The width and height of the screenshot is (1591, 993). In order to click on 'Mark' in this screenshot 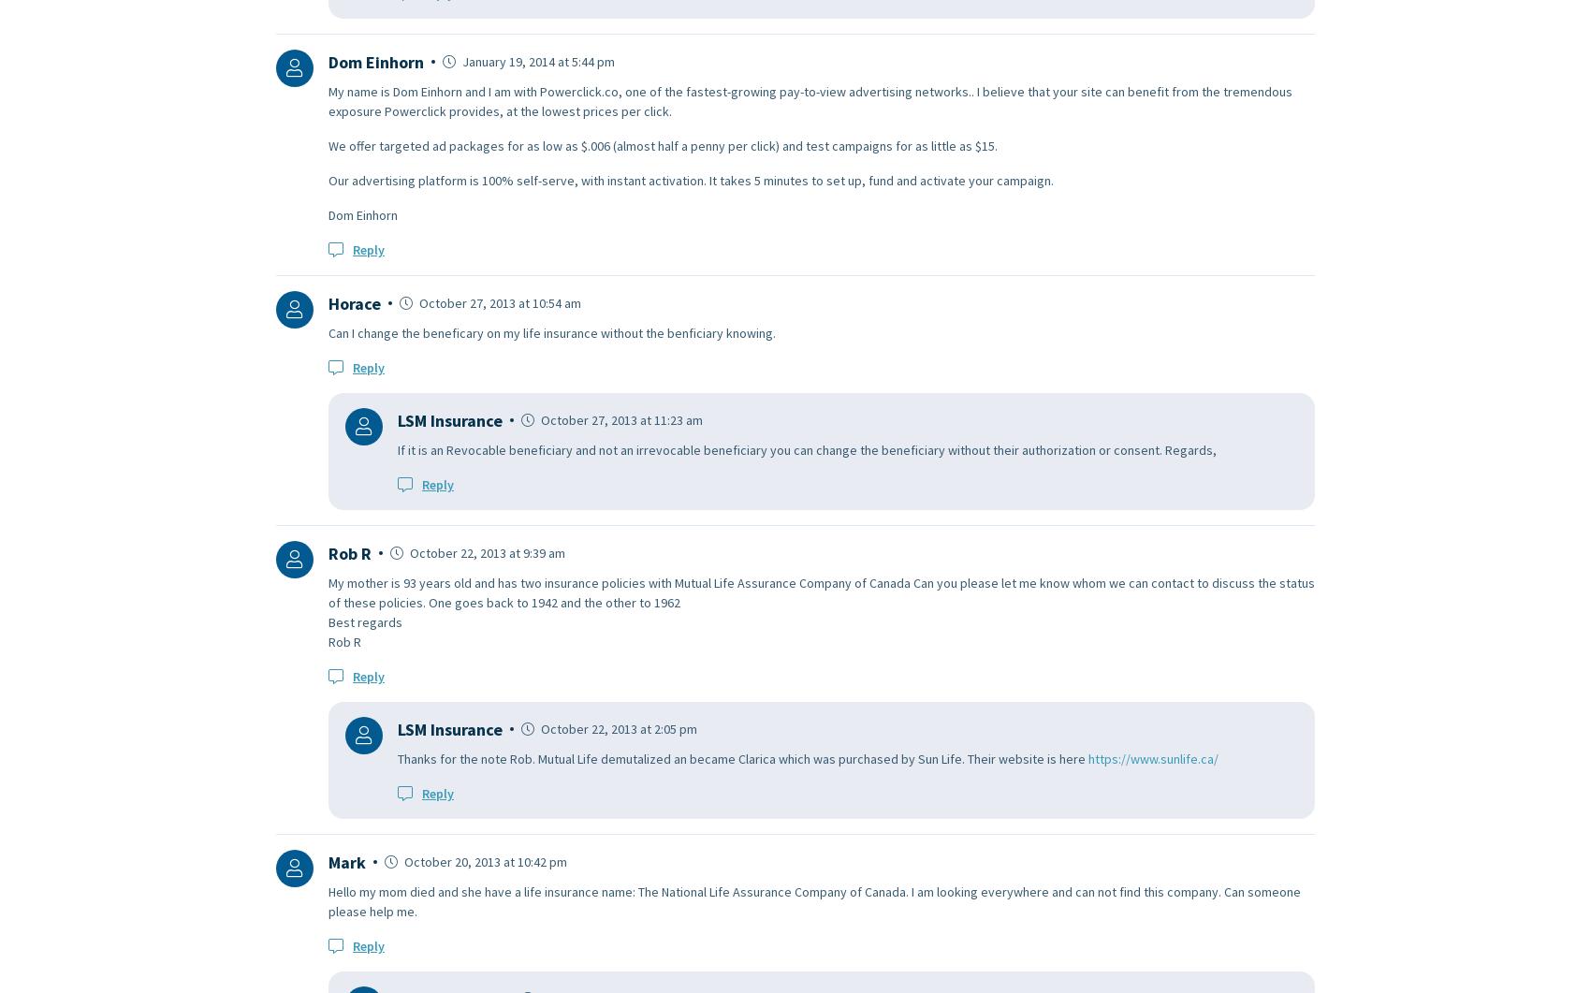, I will do `click(345, 860)`.